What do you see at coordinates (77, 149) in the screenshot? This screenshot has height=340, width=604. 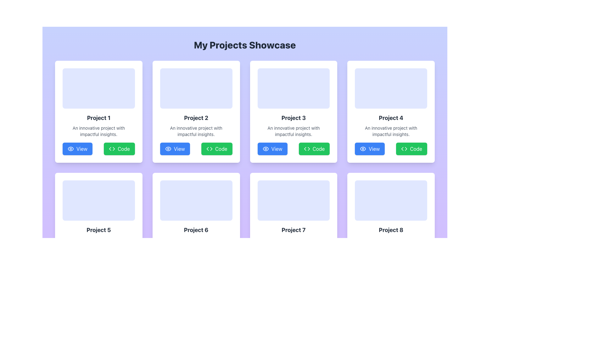 I see `the button located in the lower left corner of the 'Project 1' card` at bounding box center [77, 149].